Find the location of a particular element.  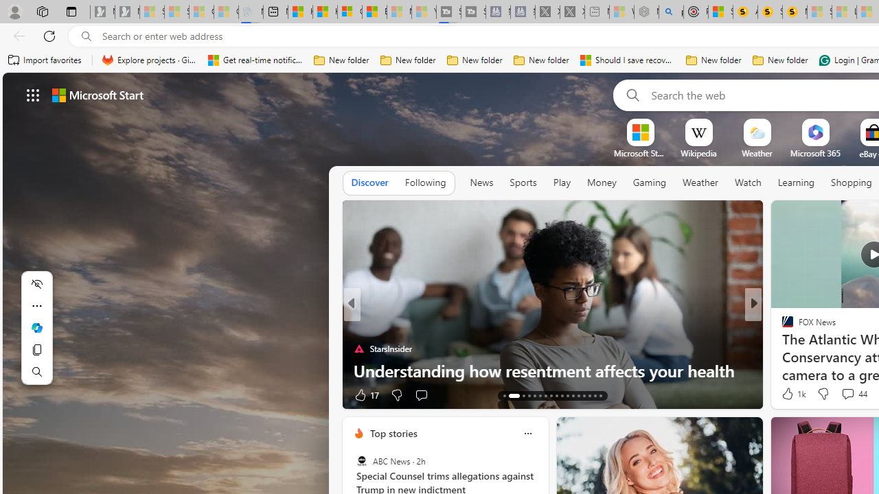

'186 Like' is located at coordinates (791, 395).